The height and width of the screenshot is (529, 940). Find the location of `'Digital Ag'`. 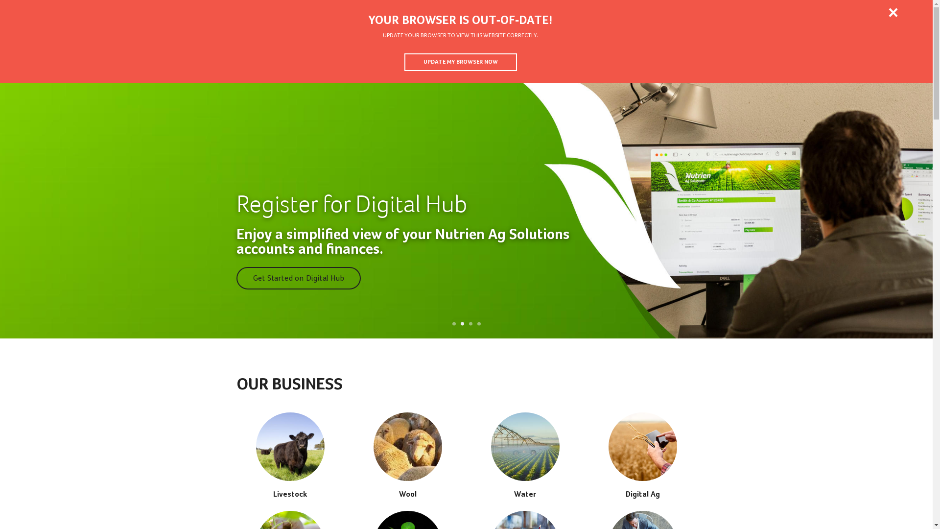

'Digital Ag' is located at coordinates (642, 455).